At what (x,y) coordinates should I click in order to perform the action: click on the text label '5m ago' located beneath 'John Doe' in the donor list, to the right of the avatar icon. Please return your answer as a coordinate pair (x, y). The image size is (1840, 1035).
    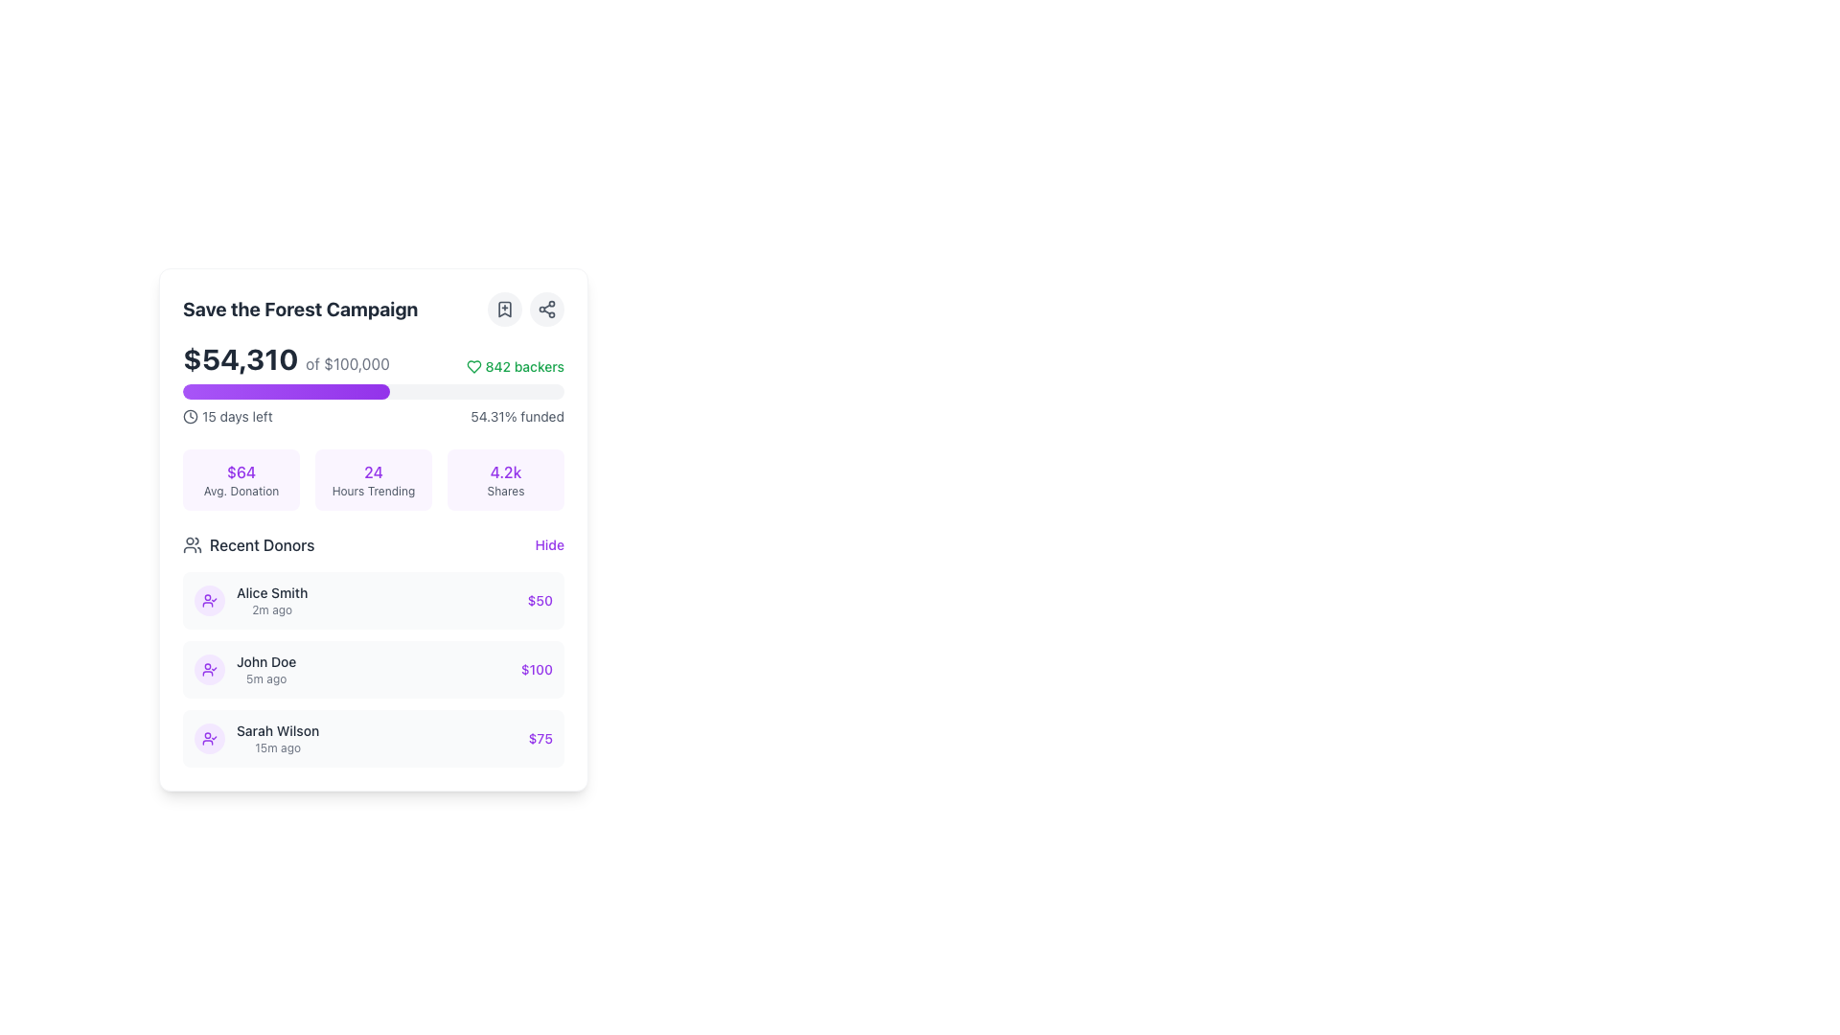
    Looking at the image, I should click on (265, 678).